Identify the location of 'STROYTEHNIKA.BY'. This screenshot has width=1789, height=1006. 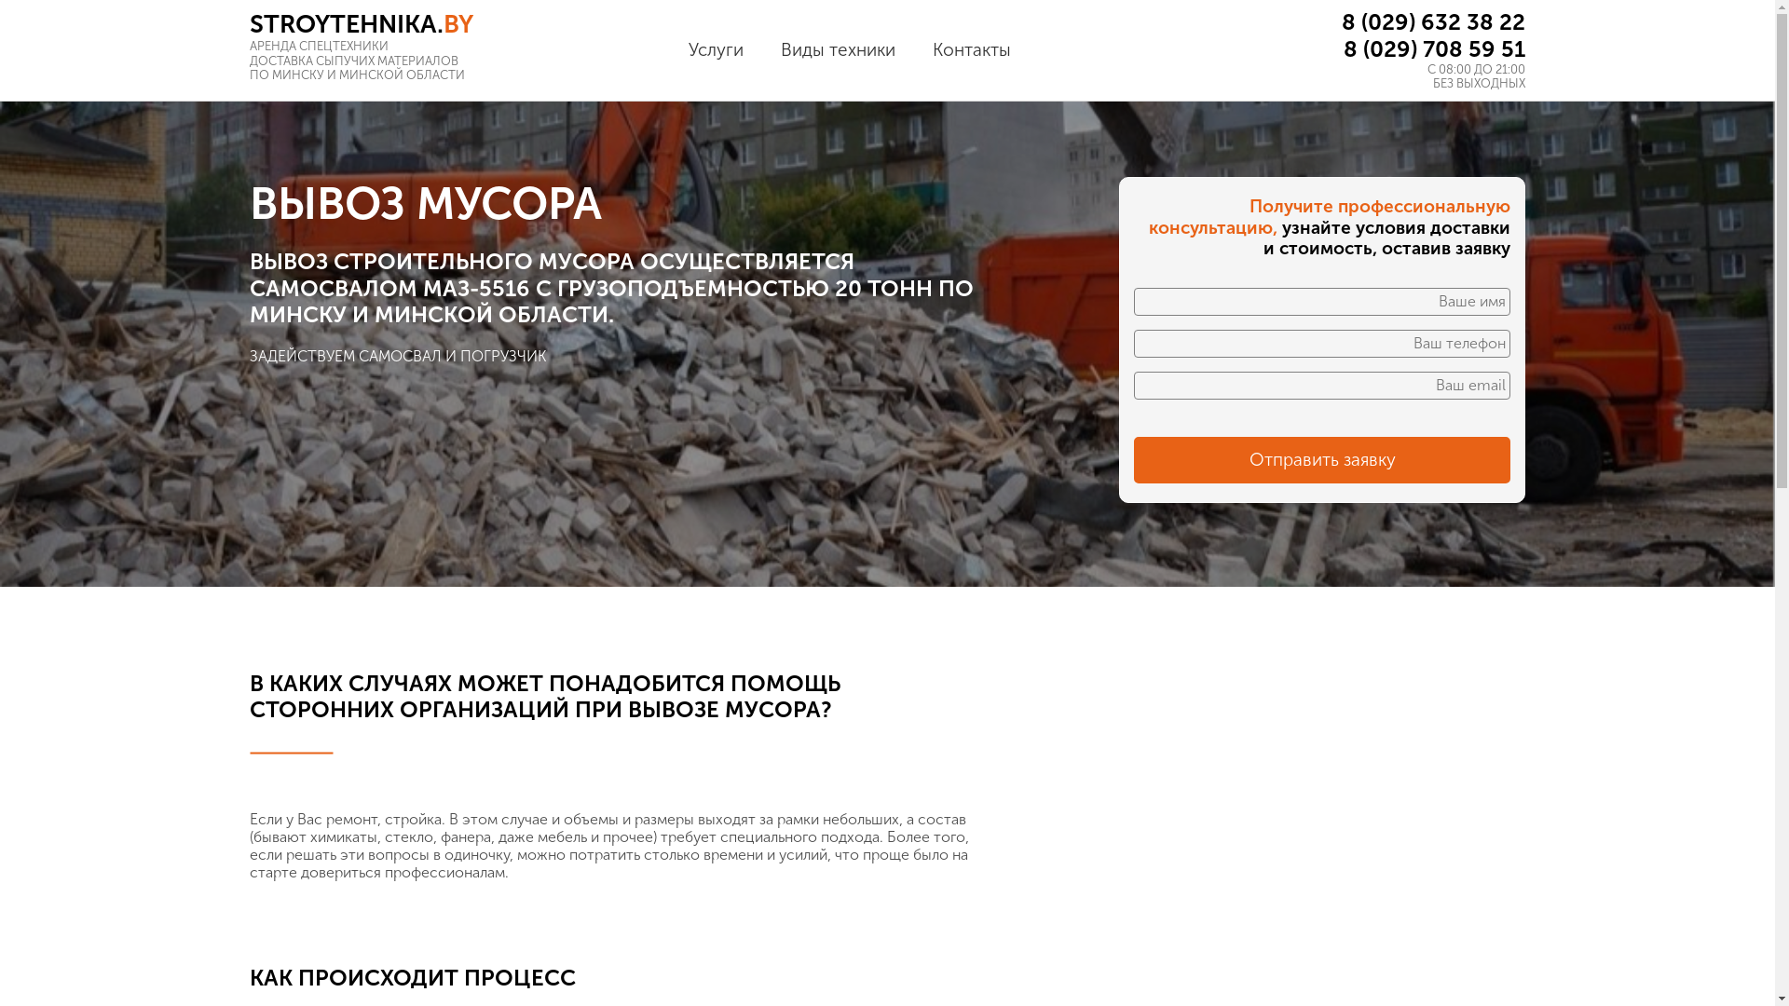
(249, 24).